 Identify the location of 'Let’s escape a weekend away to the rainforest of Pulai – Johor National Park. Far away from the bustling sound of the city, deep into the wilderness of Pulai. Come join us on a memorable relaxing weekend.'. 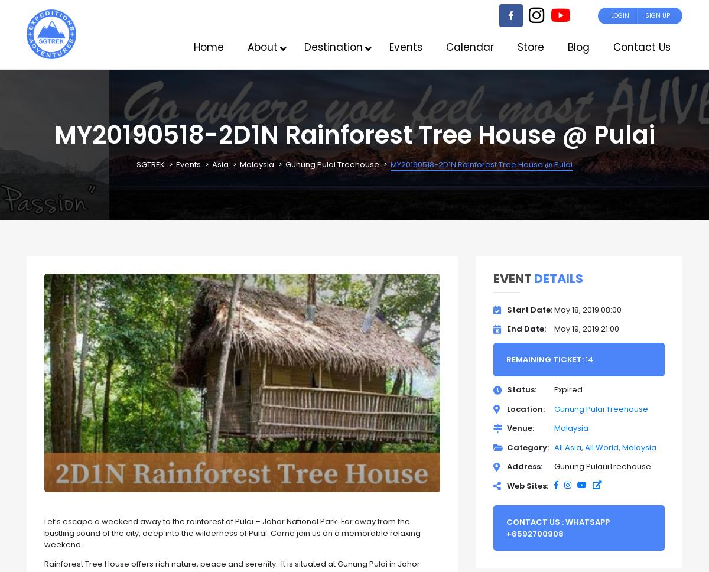
(232, 532).